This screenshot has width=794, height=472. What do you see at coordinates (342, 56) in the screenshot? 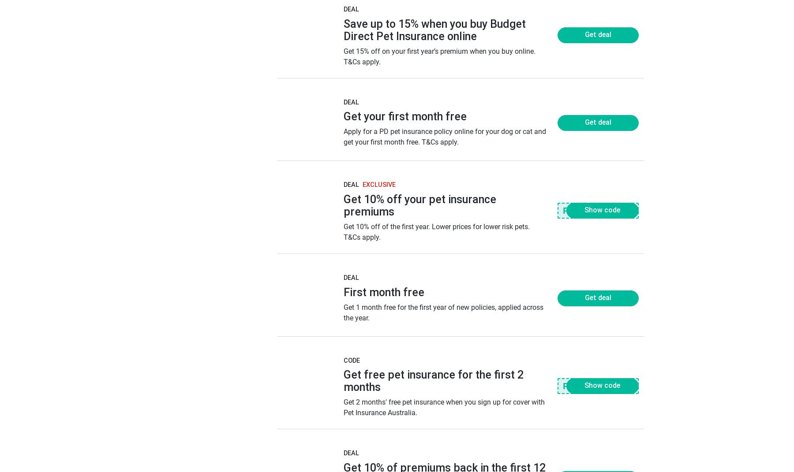
I see `'Get 15% off on your first year’s premium when you buy online. T&Cs apply.'` at bounding box center [342, 56].